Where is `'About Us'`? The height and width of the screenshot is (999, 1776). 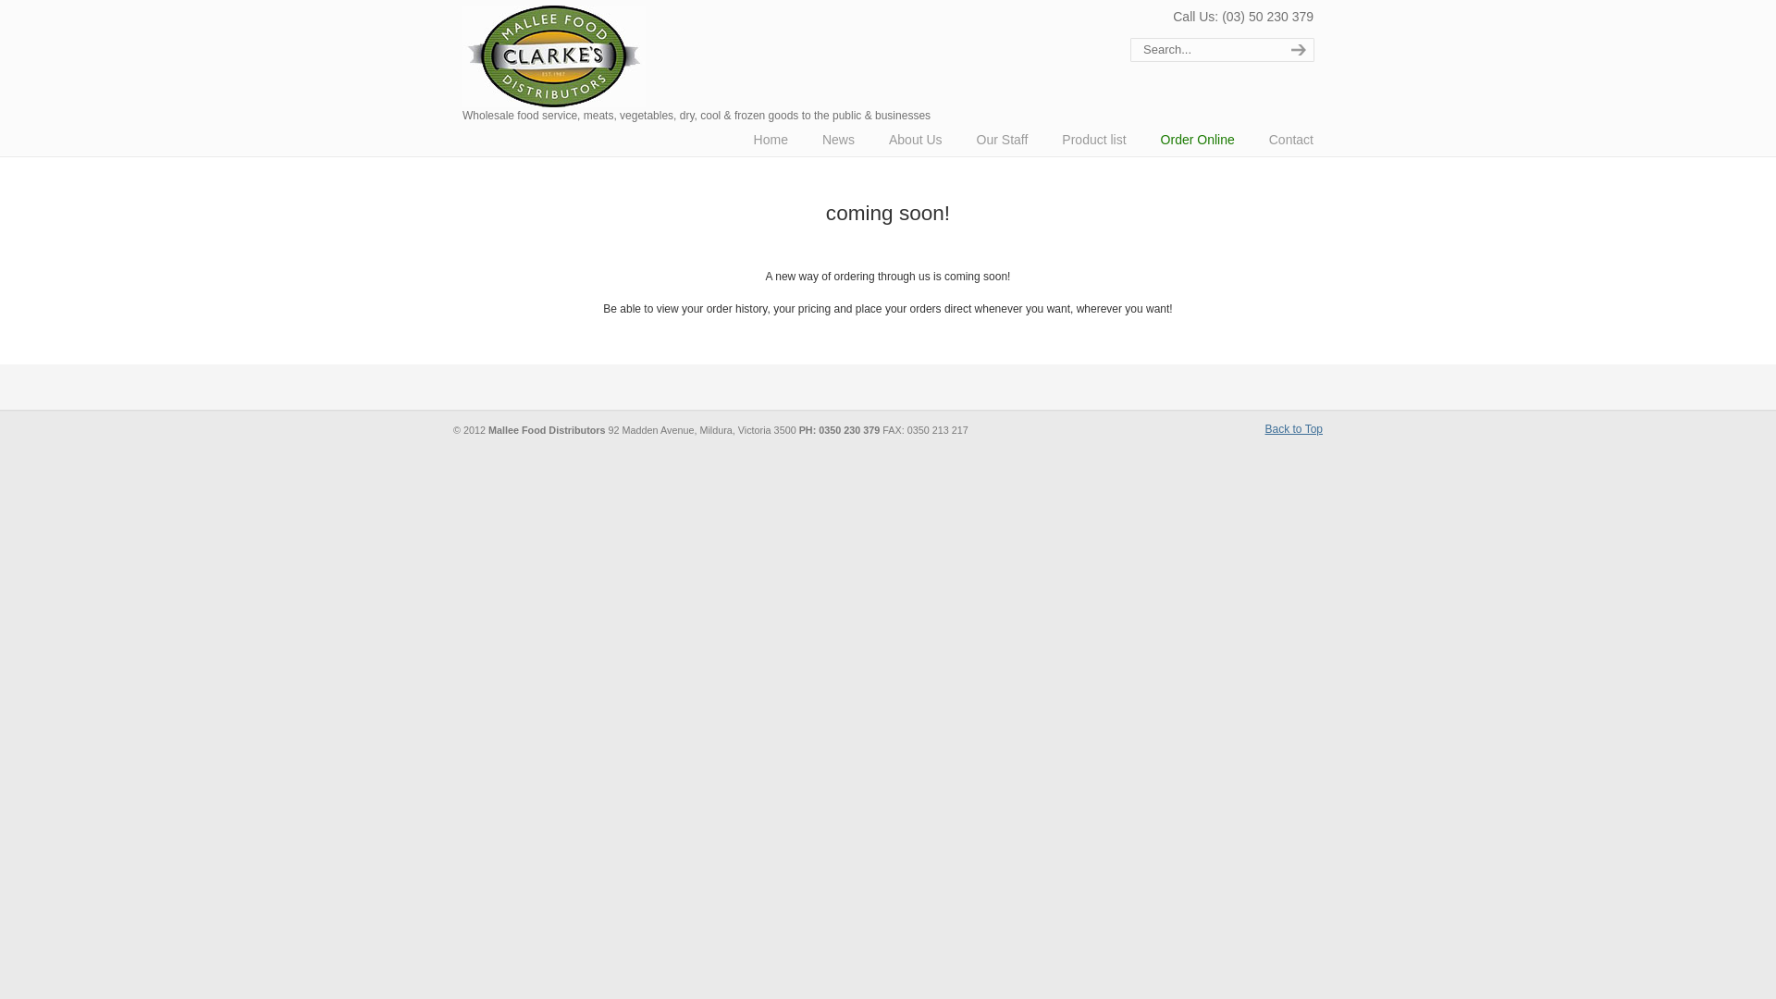
'About Us' is located at coordinates (869, 138).